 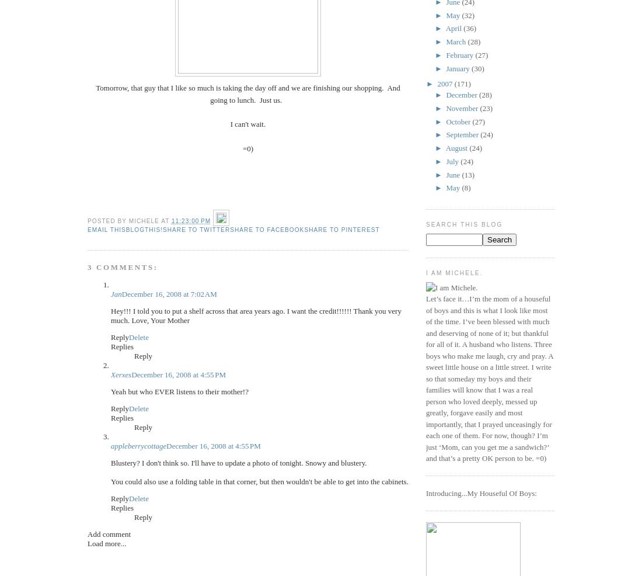 What do you see at coordinates (460, 54) in the screenshot?
I see `'February'` at bounding box center [460, 54].